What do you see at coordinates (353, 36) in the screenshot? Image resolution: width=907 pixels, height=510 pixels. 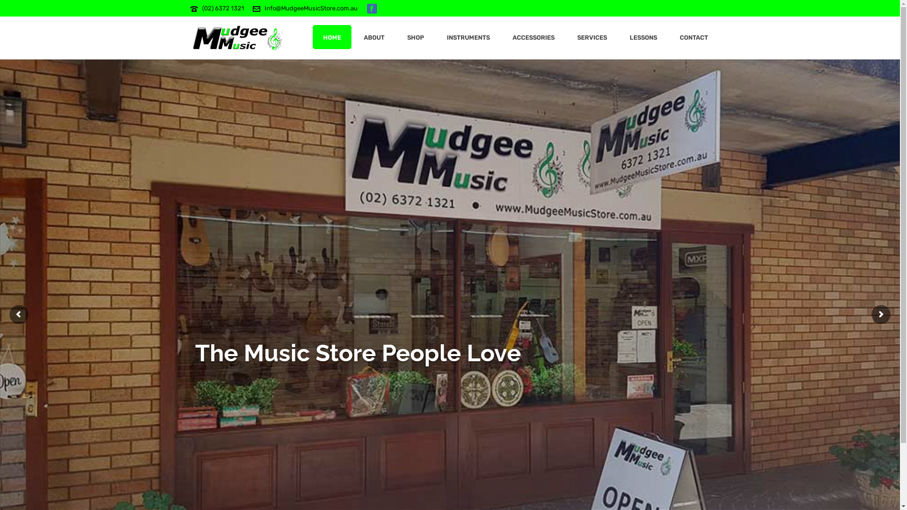 I see `'ABOUT'` at bounding box center [353, 36].